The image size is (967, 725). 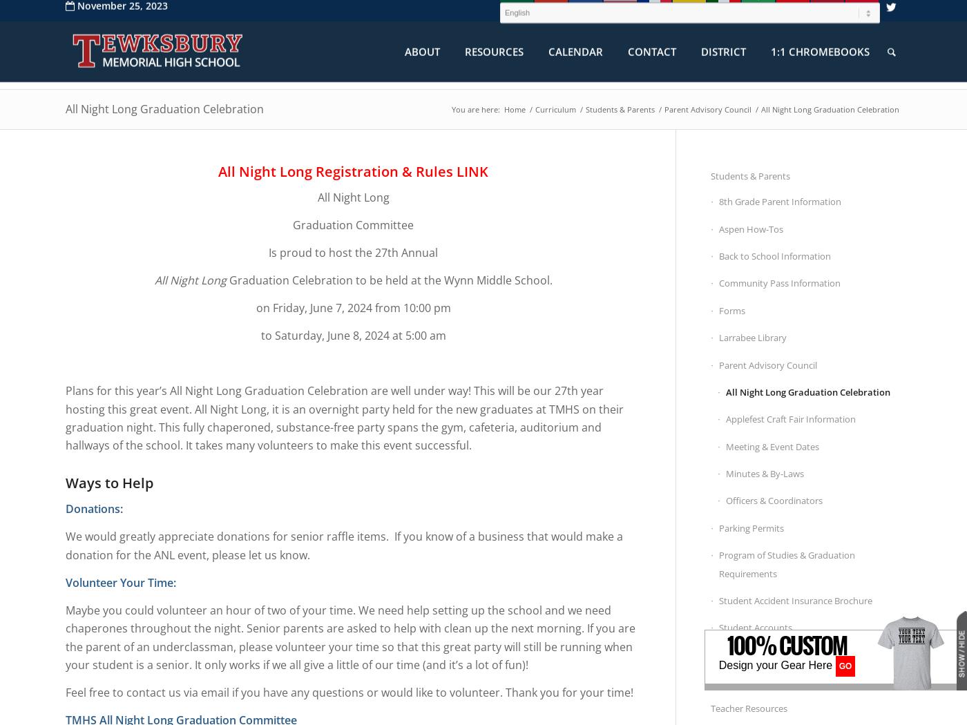 I want to click on '8th Grade Parent Information', so click(x=780, y=201).